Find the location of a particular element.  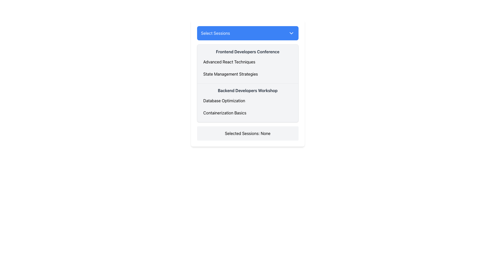

the chevron icon located to the right of the 'Select Sessions' button is located at coordinates (291, 33).